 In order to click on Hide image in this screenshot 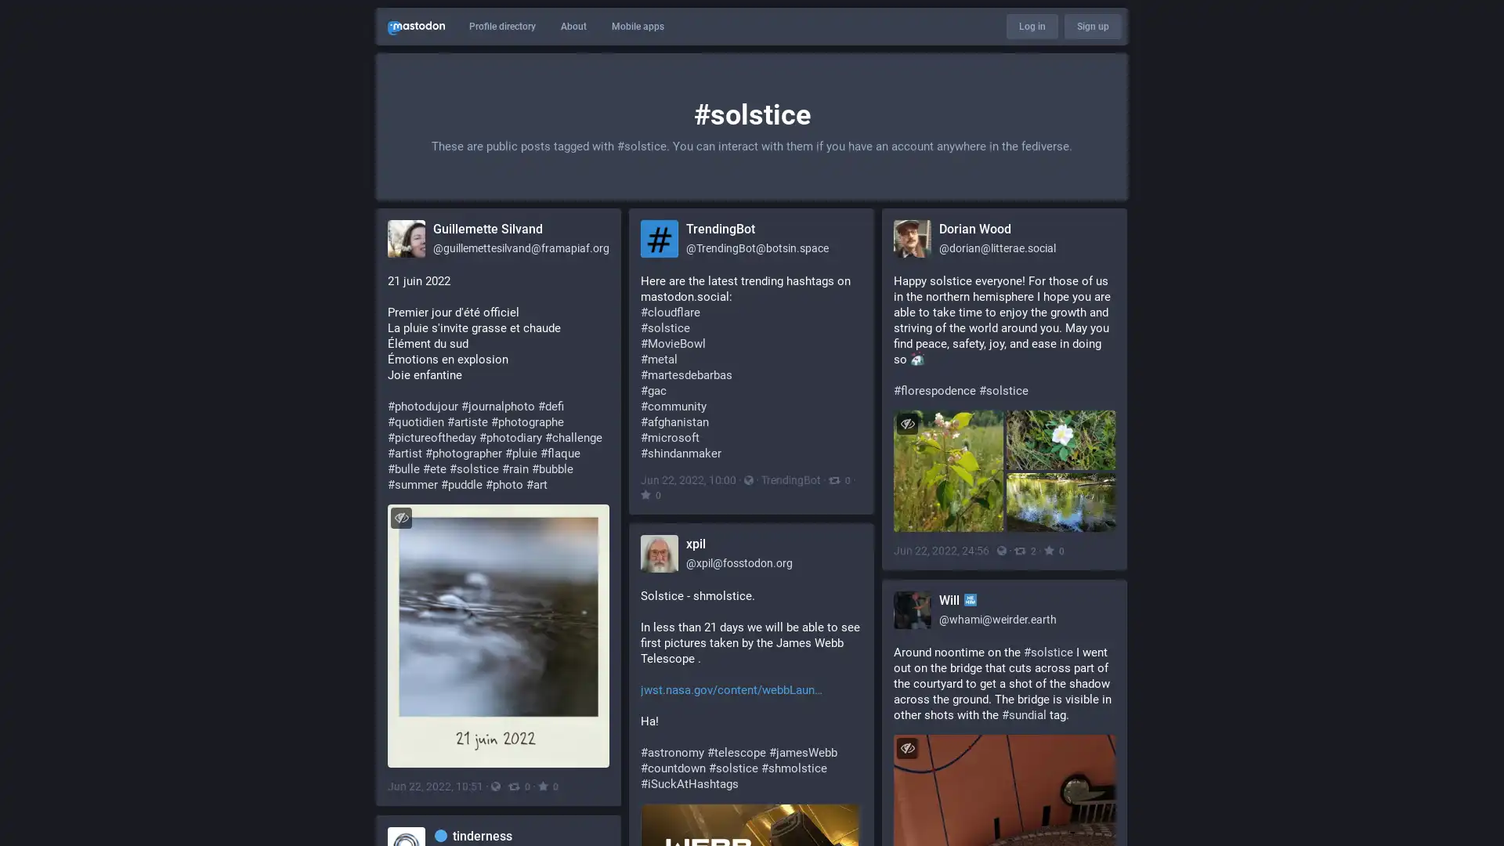, I will do `click(401, 517)`.